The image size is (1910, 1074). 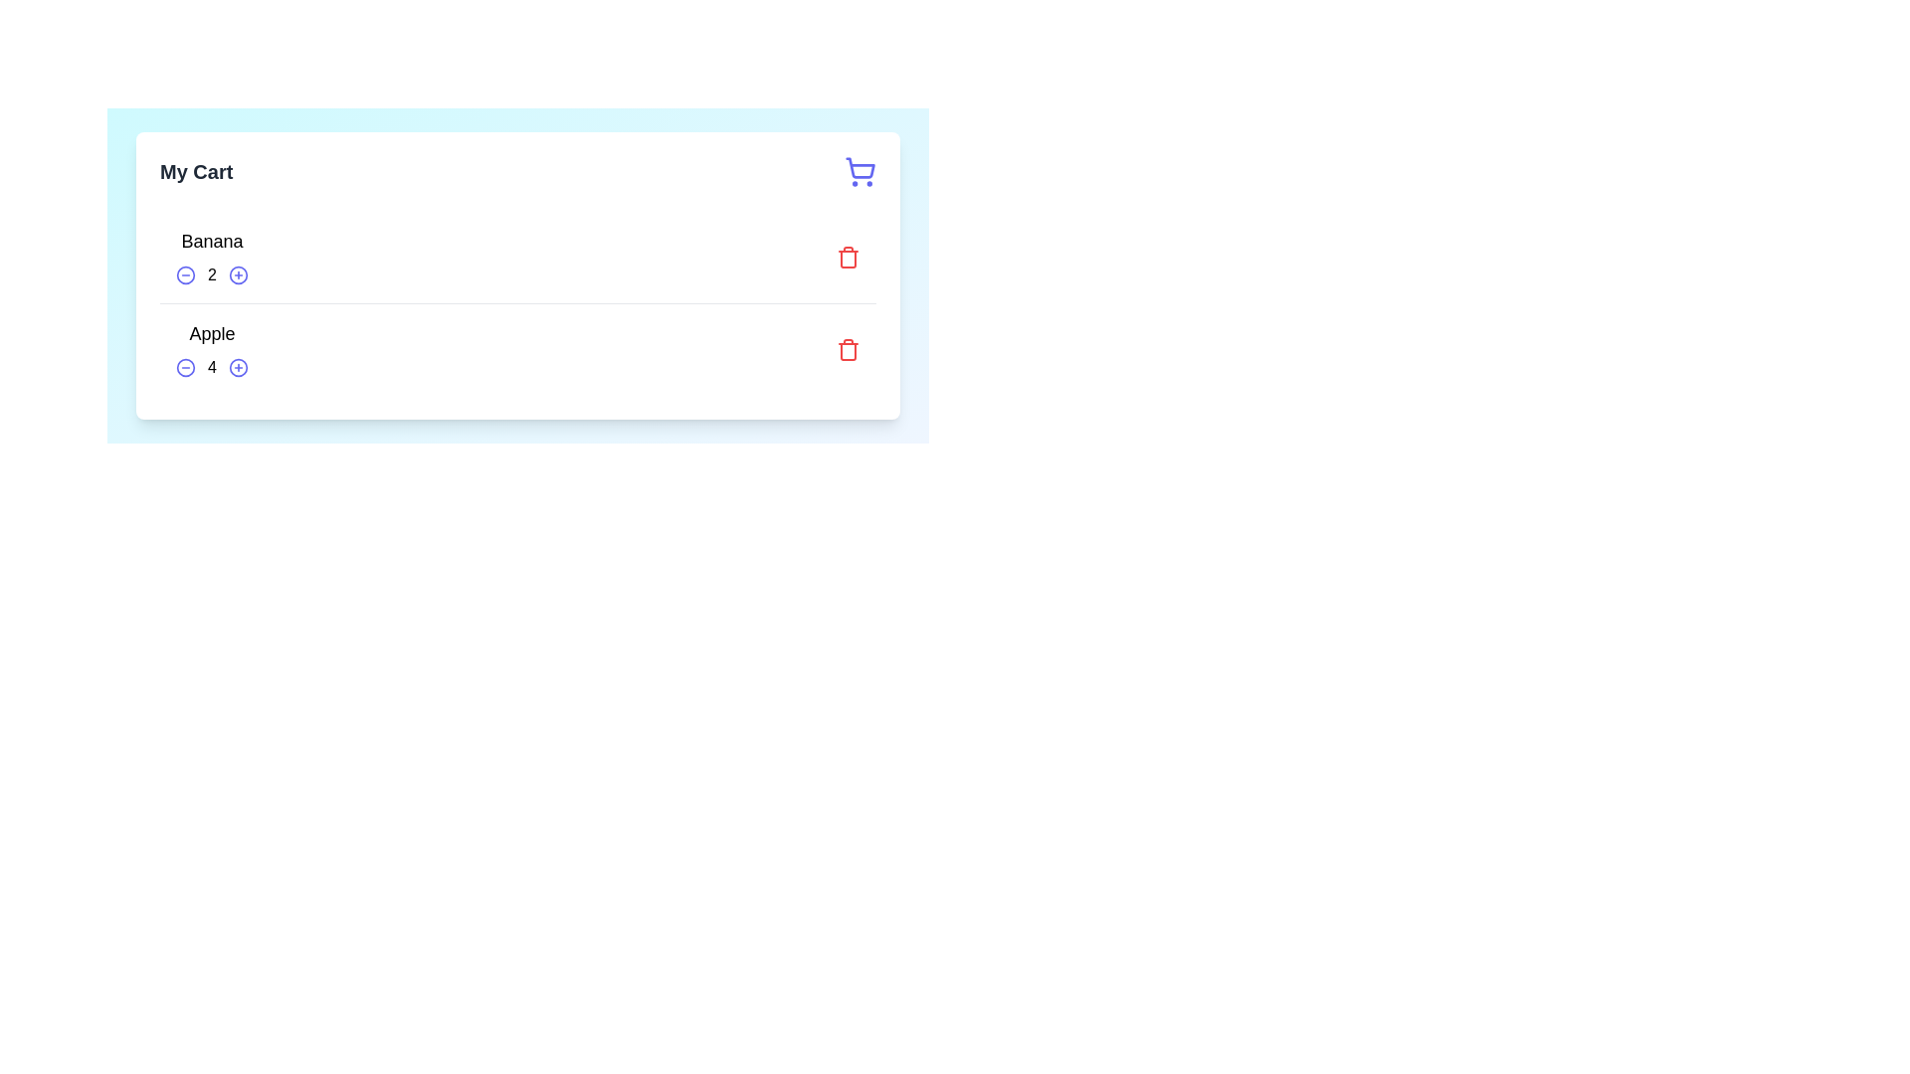 What do you see at coordinates (212, 368) in the screenshot?
I see `the static text display showing the current quantity of 'Apple', which is located in the second row between two circular icons for modifying the quantity` at bounding box center [212, 368].